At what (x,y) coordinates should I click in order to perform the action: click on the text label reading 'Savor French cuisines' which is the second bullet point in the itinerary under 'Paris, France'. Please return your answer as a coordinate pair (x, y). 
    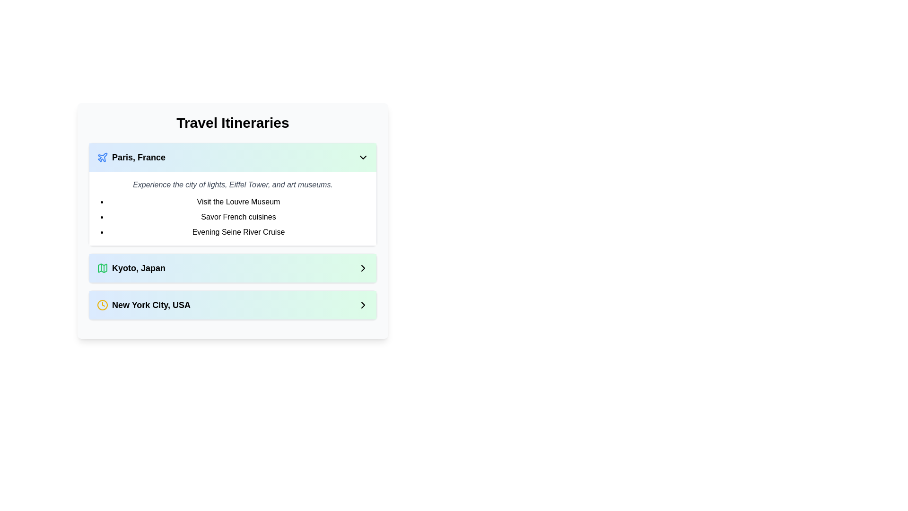
    Looking at the image, I should click on (238, 217).